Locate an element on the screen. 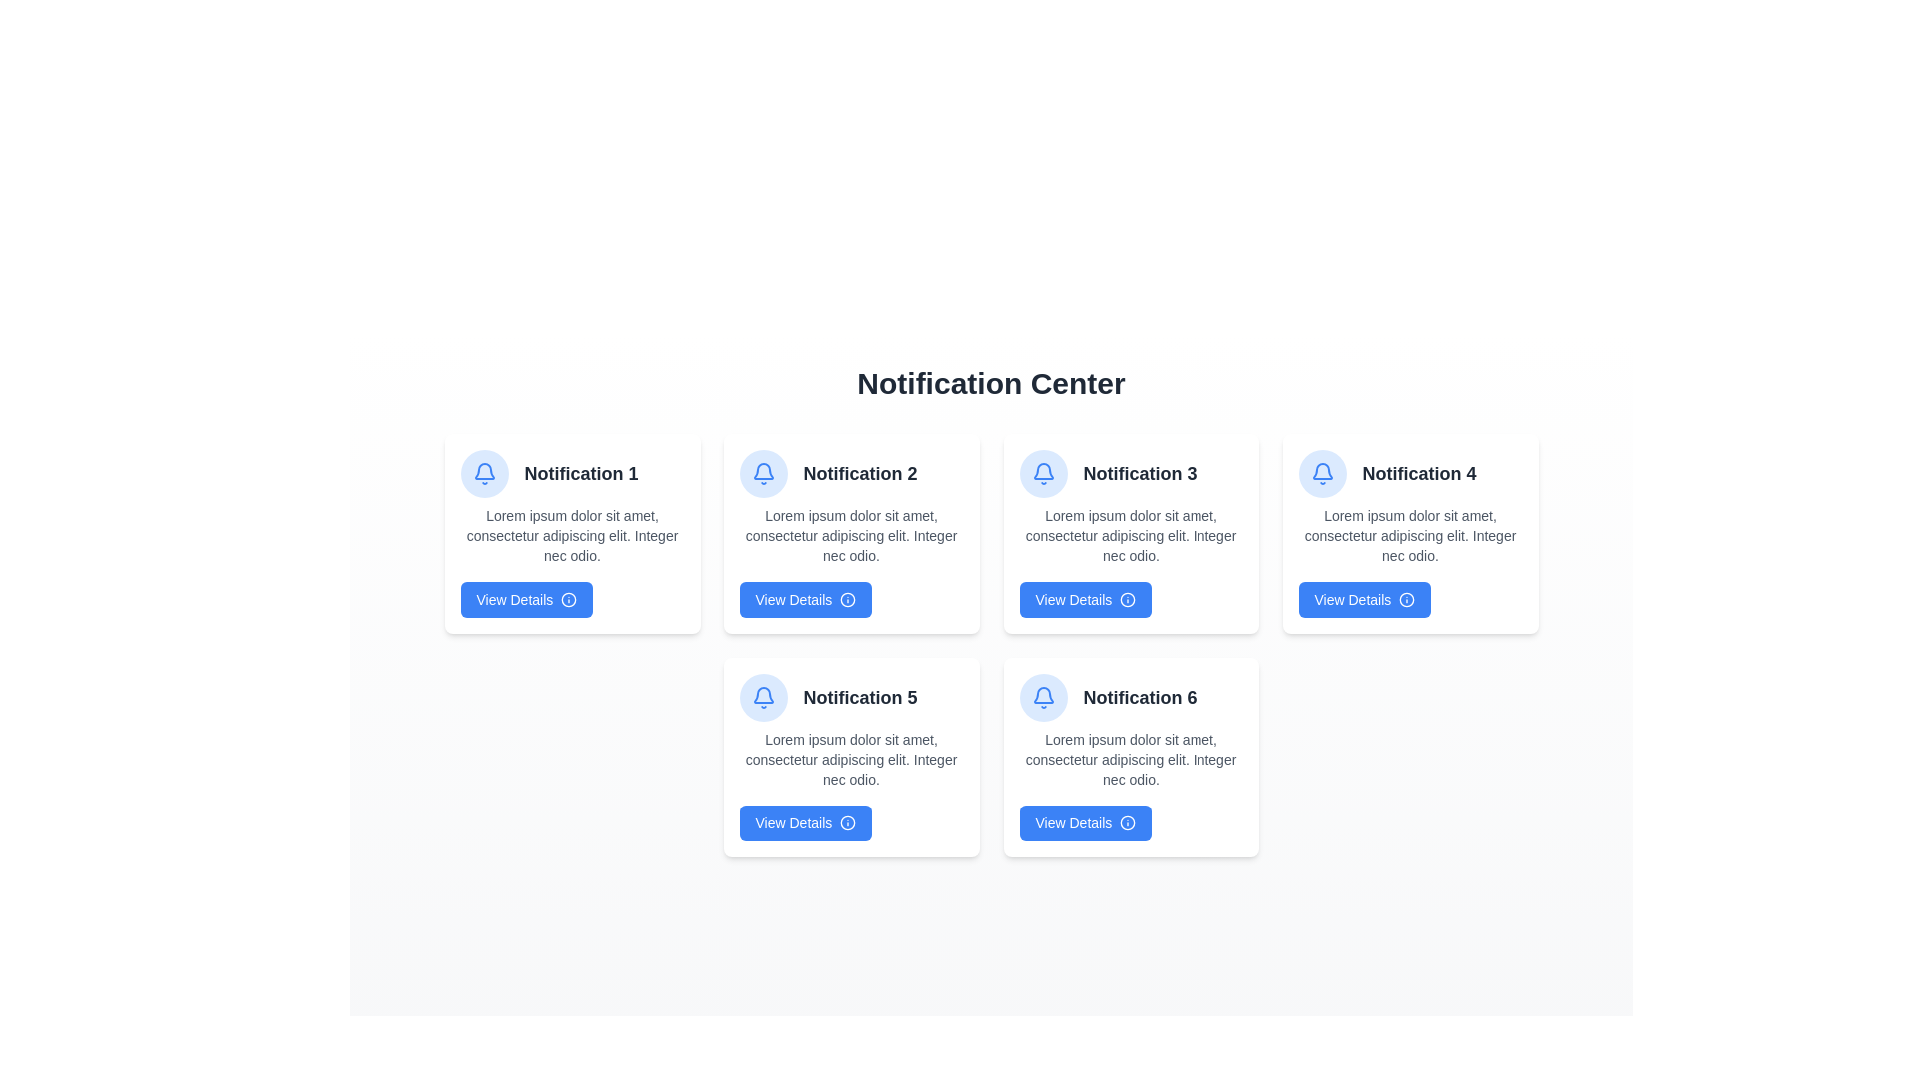  the bold text 'Notification 1' is located at coordinates (571, 473).